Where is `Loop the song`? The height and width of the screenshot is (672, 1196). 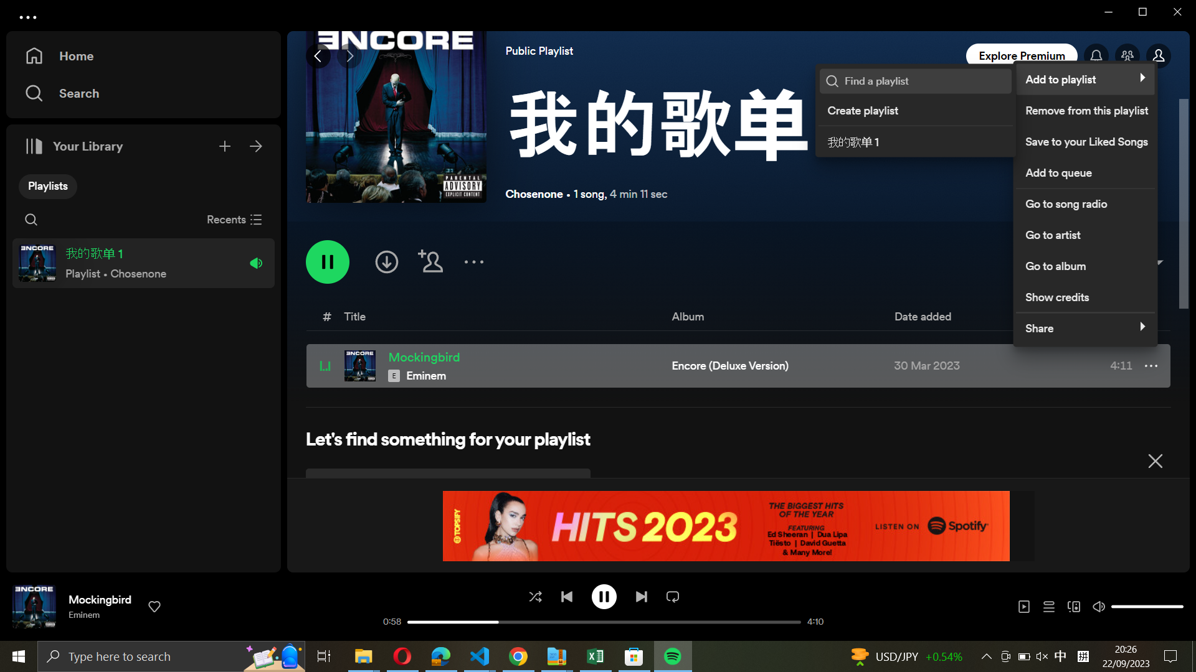 Loop the song is located at coordinates (672, 595).